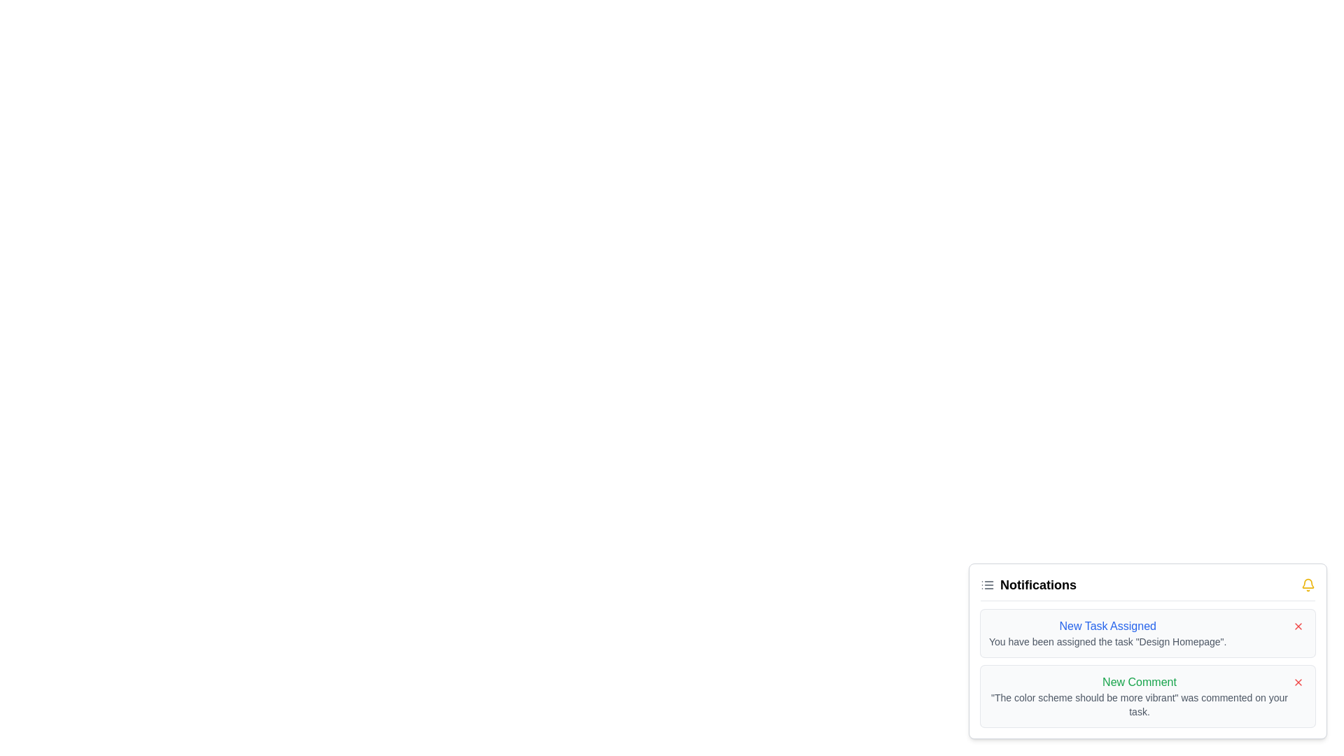  I want to click on the second notification regarding a new comment made on a task, located in the Notifications section in the bottom-right corner of the interface, so click(1139, 696).